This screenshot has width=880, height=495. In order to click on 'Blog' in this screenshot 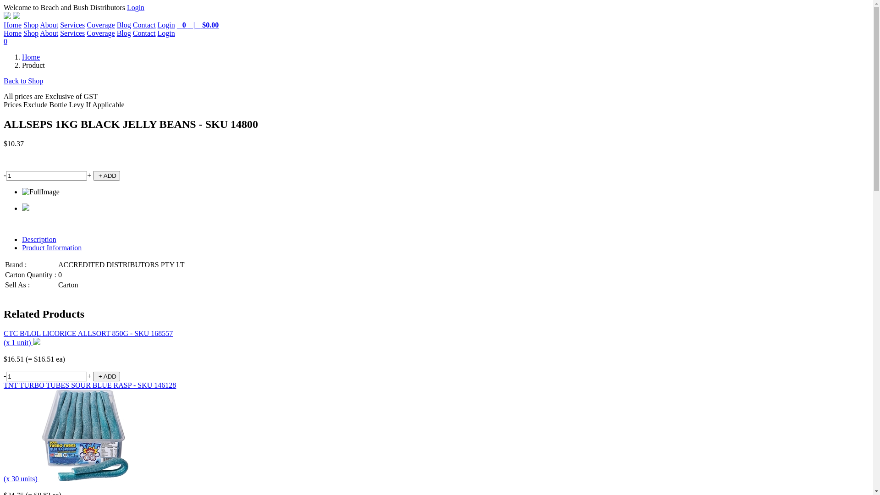, I will do `click(123, 24)`.